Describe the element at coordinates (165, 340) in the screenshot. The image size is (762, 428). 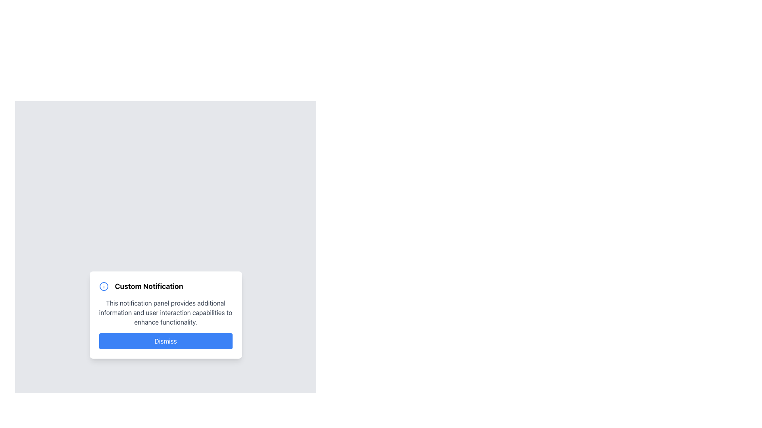
I see `the 'Dismiss' button, which is a rectangular button with a blue background and white text located within a notification panel` at that location.